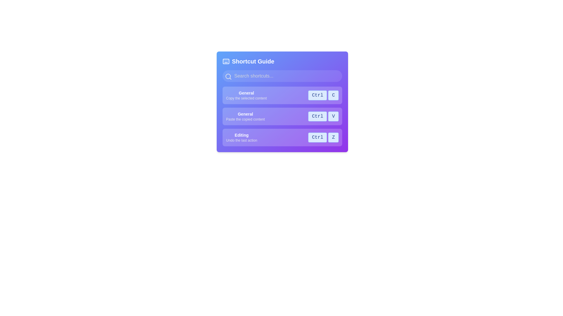  Describe the element at coordinates (317, 138) in the screenshot. I see `the non-interactive text button labeled 'Ctrl', which is styled in light blue with a blue border and contains dark blue text, located to the right of the 'Editing' shortcut description in the 'Shortcut Guide'` at that location.